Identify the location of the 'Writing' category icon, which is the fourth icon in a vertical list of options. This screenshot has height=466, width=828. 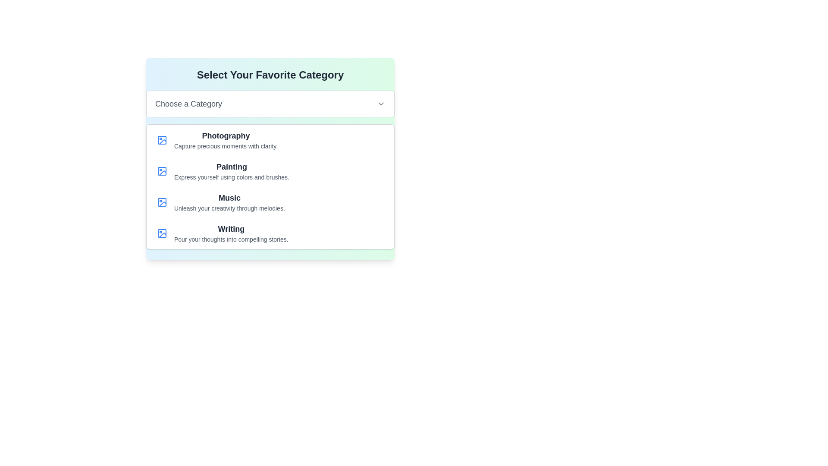
(162, 233).